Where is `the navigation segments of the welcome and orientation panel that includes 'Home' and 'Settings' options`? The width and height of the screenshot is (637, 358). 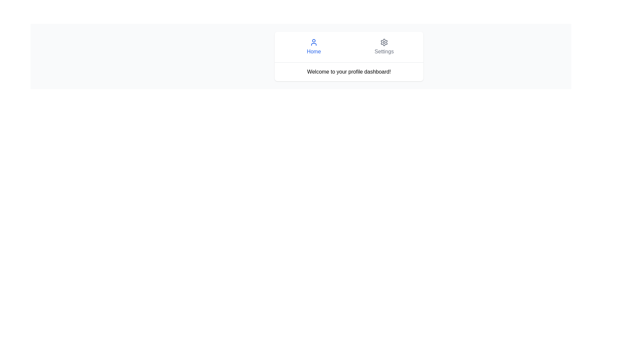 the navigation segments of the welcome and orientation panel that includes 'Home' and 'Settings' options is located at coordinates (348, 56).